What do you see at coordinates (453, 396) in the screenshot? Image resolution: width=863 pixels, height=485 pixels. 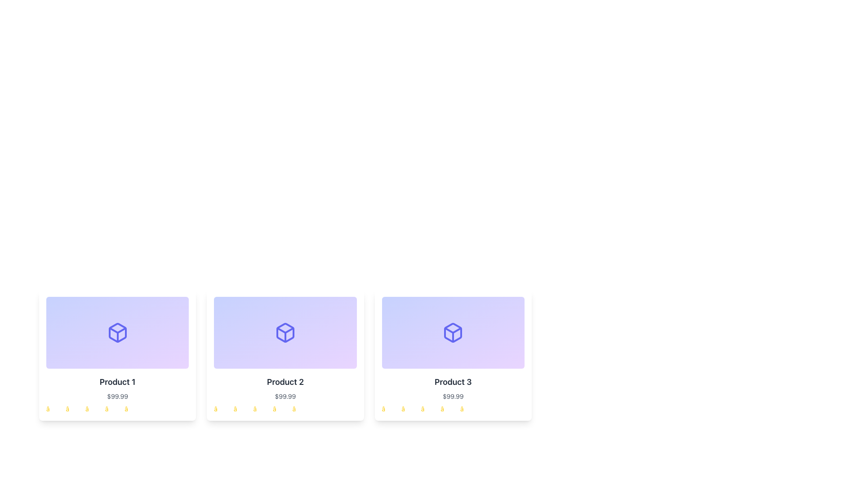 I see `the price text label displaying '$99.99' located in the bottom-middle section of the 'Product 3' card, which is directly below the 'Product 3' title` at bounding box center [453, 396].